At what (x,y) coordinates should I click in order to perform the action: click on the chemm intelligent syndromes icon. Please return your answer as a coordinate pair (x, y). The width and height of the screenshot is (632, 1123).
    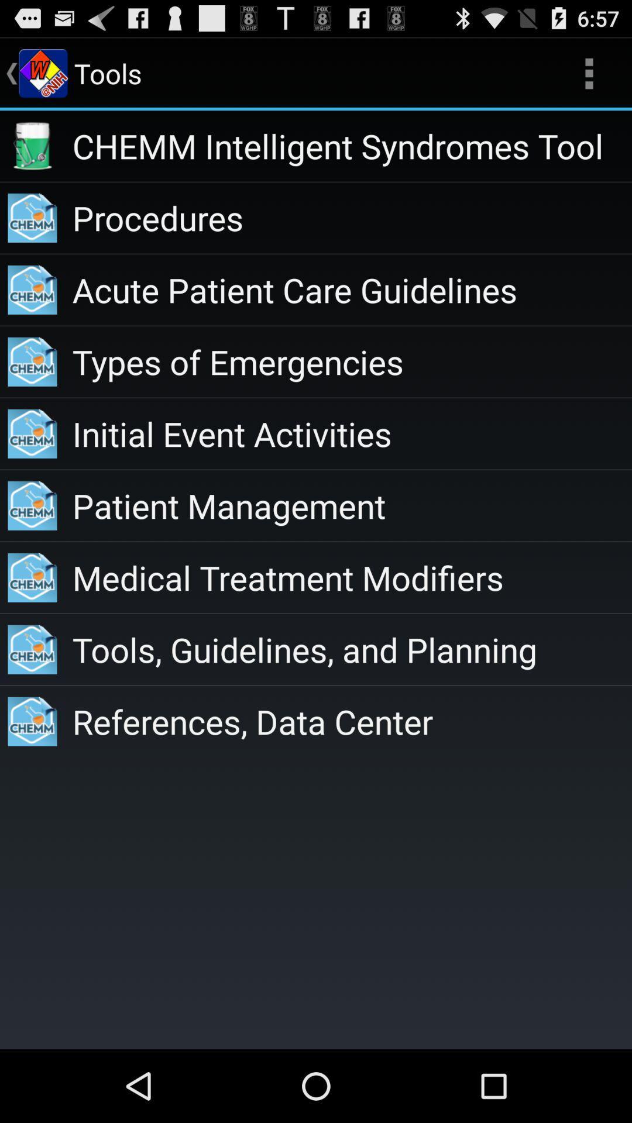
    Looking at the image, I should click on (351, 145).